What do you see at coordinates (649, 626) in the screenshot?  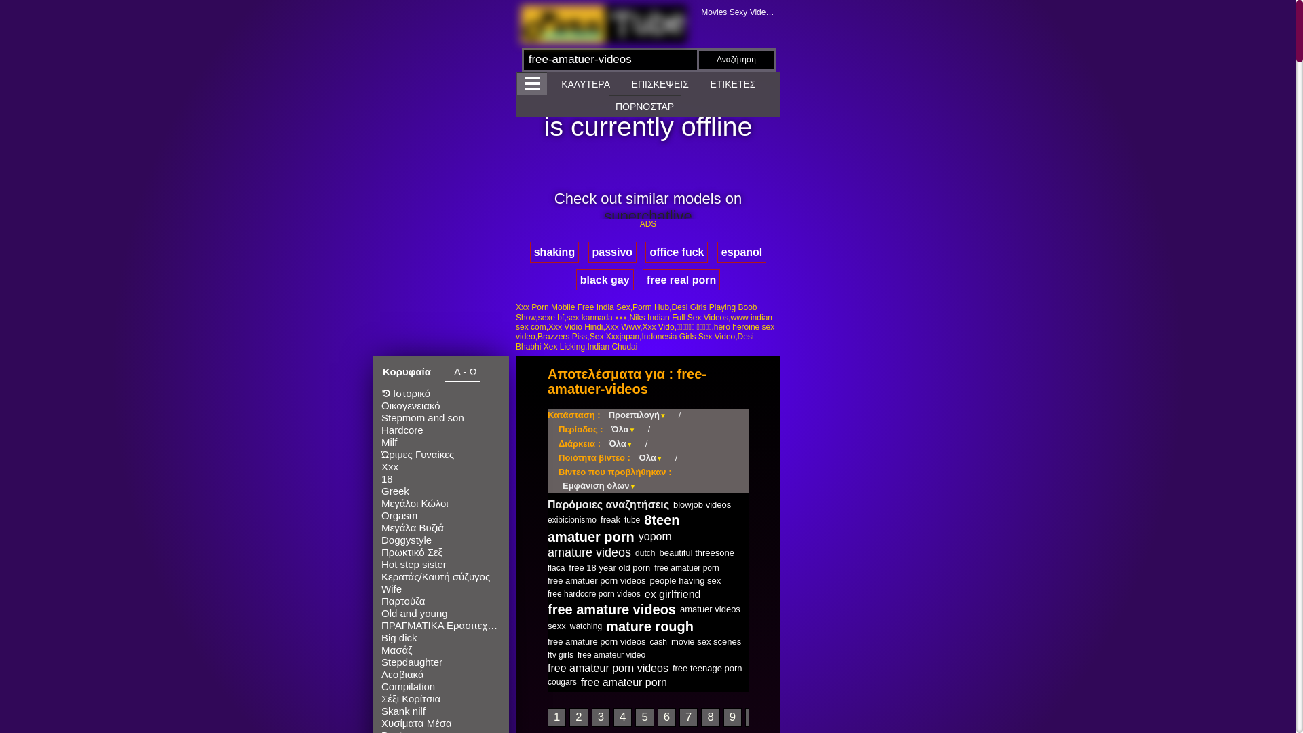 I see `'mature rough'` at bounding box center [649, 626].